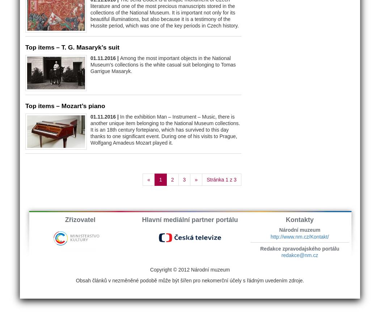 This screenshot has height=316, width=380. What do you see at coordinates (189, 280) in the screenshot?
I see `'Obsah článků v nezměněné podobě může být šířen pro nekomerční účely s řádným uvedením zdroje.'` at bounding box center [189, 280].